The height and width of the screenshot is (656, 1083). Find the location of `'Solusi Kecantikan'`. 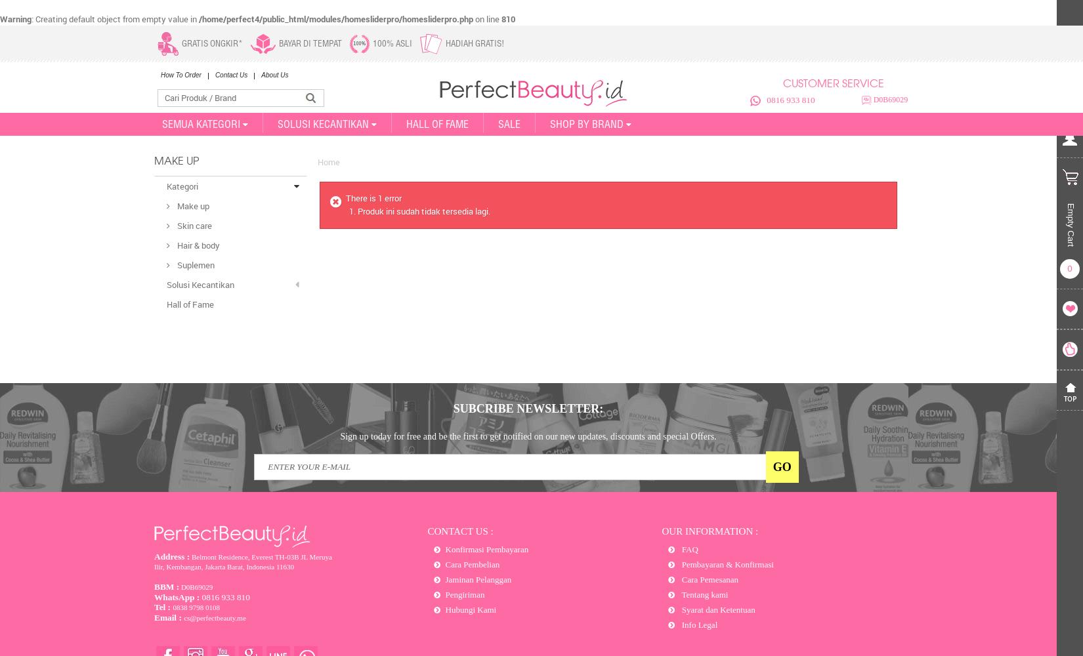

'Solusi Kecantikan' is located at coordinates (200, 285).